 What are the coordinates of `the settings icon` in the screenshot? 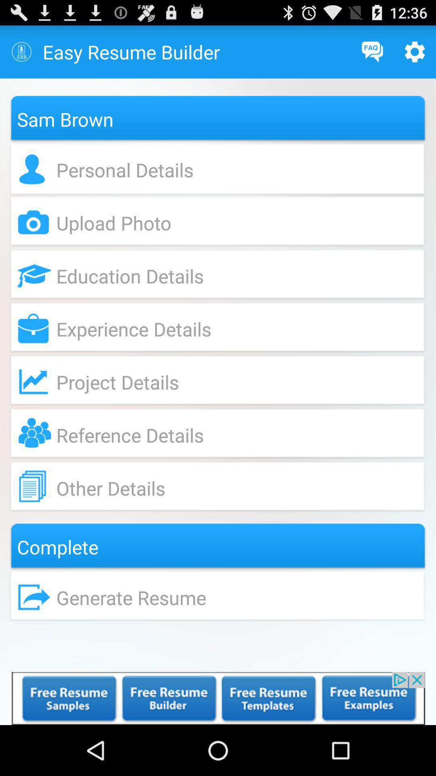 It's located at (415, 55).